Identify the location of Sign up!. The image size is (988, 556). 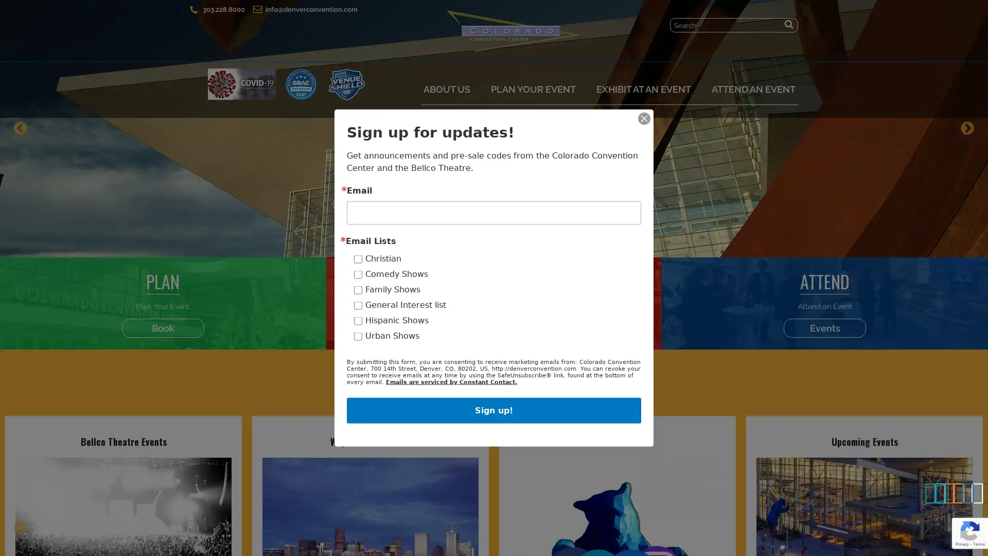
(494, 410).